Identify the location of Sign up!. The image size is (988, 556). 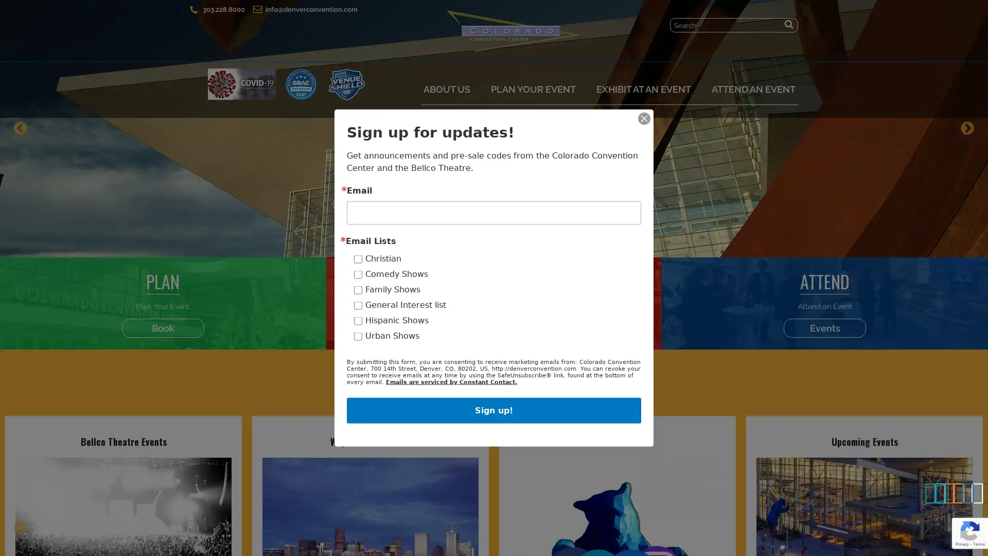
(494, 410).